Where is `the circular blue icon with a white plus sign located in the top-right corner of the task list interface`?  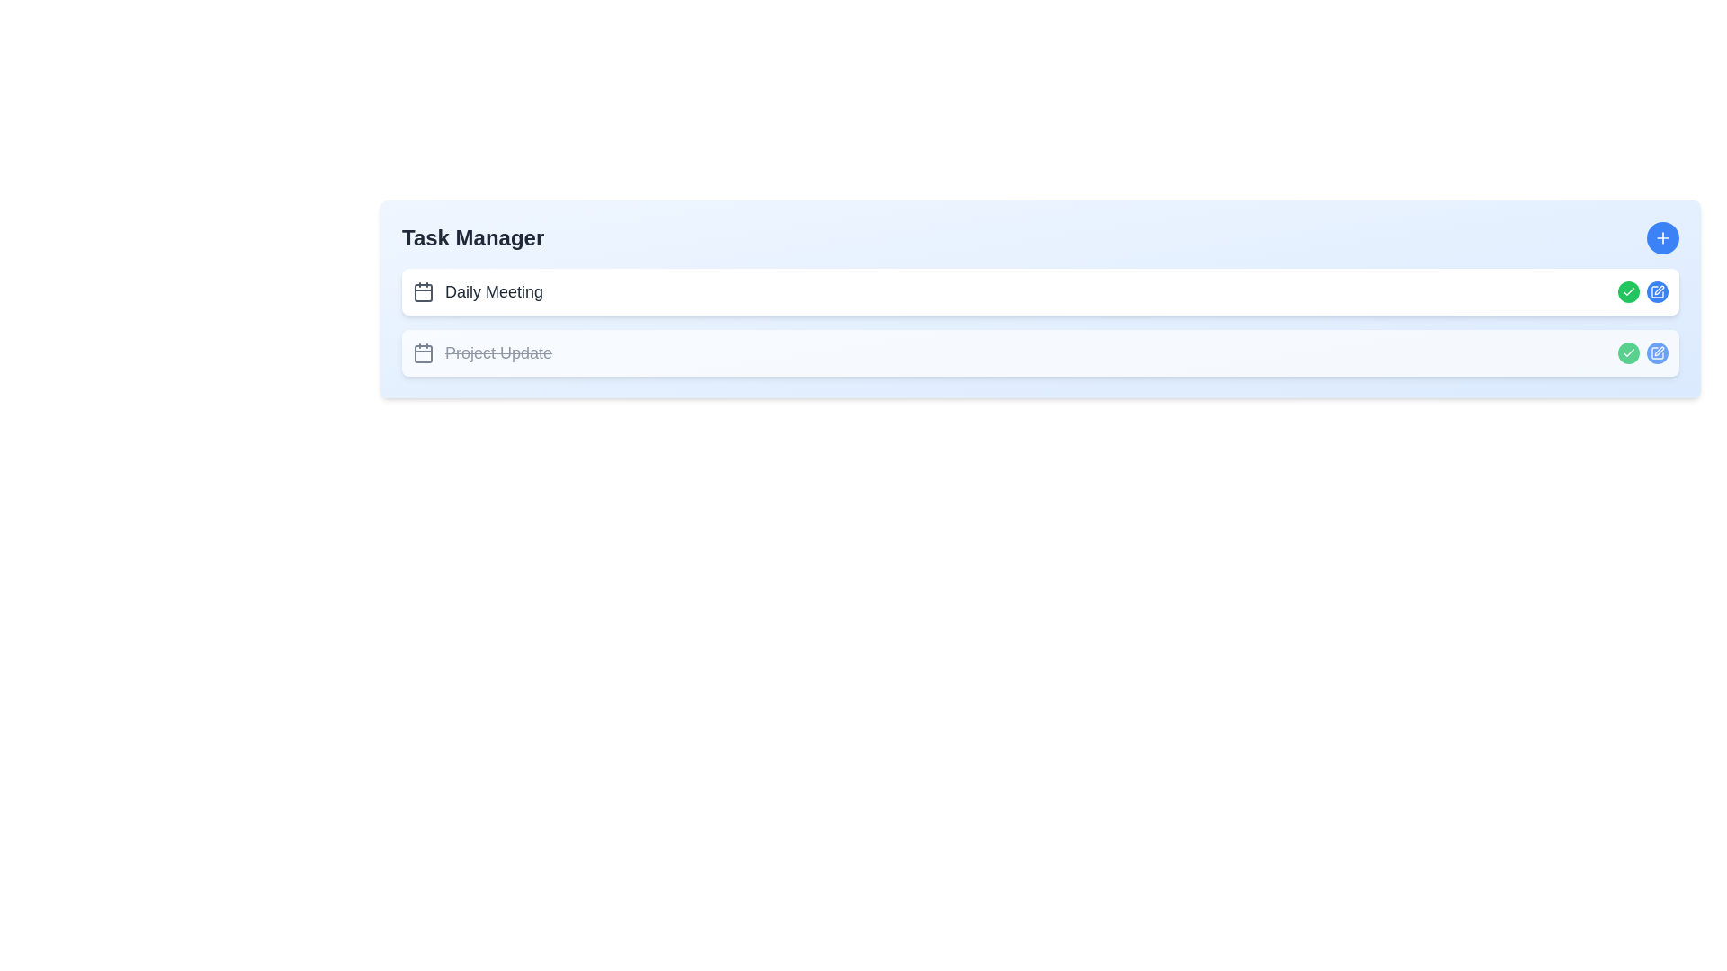
the circular blue icon with a white plus sign located in the top-right corner of the task list interface is located at coordinates (1661, 237).